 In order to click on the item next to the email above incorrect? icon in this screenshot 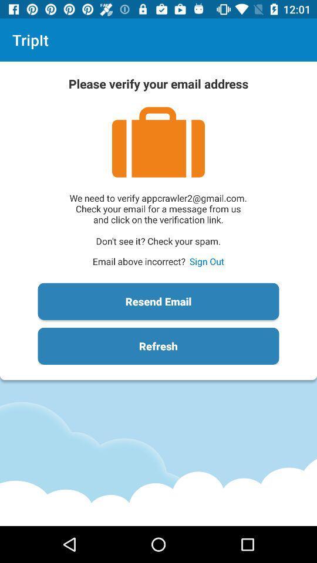, I will do `click(206, 261)`.